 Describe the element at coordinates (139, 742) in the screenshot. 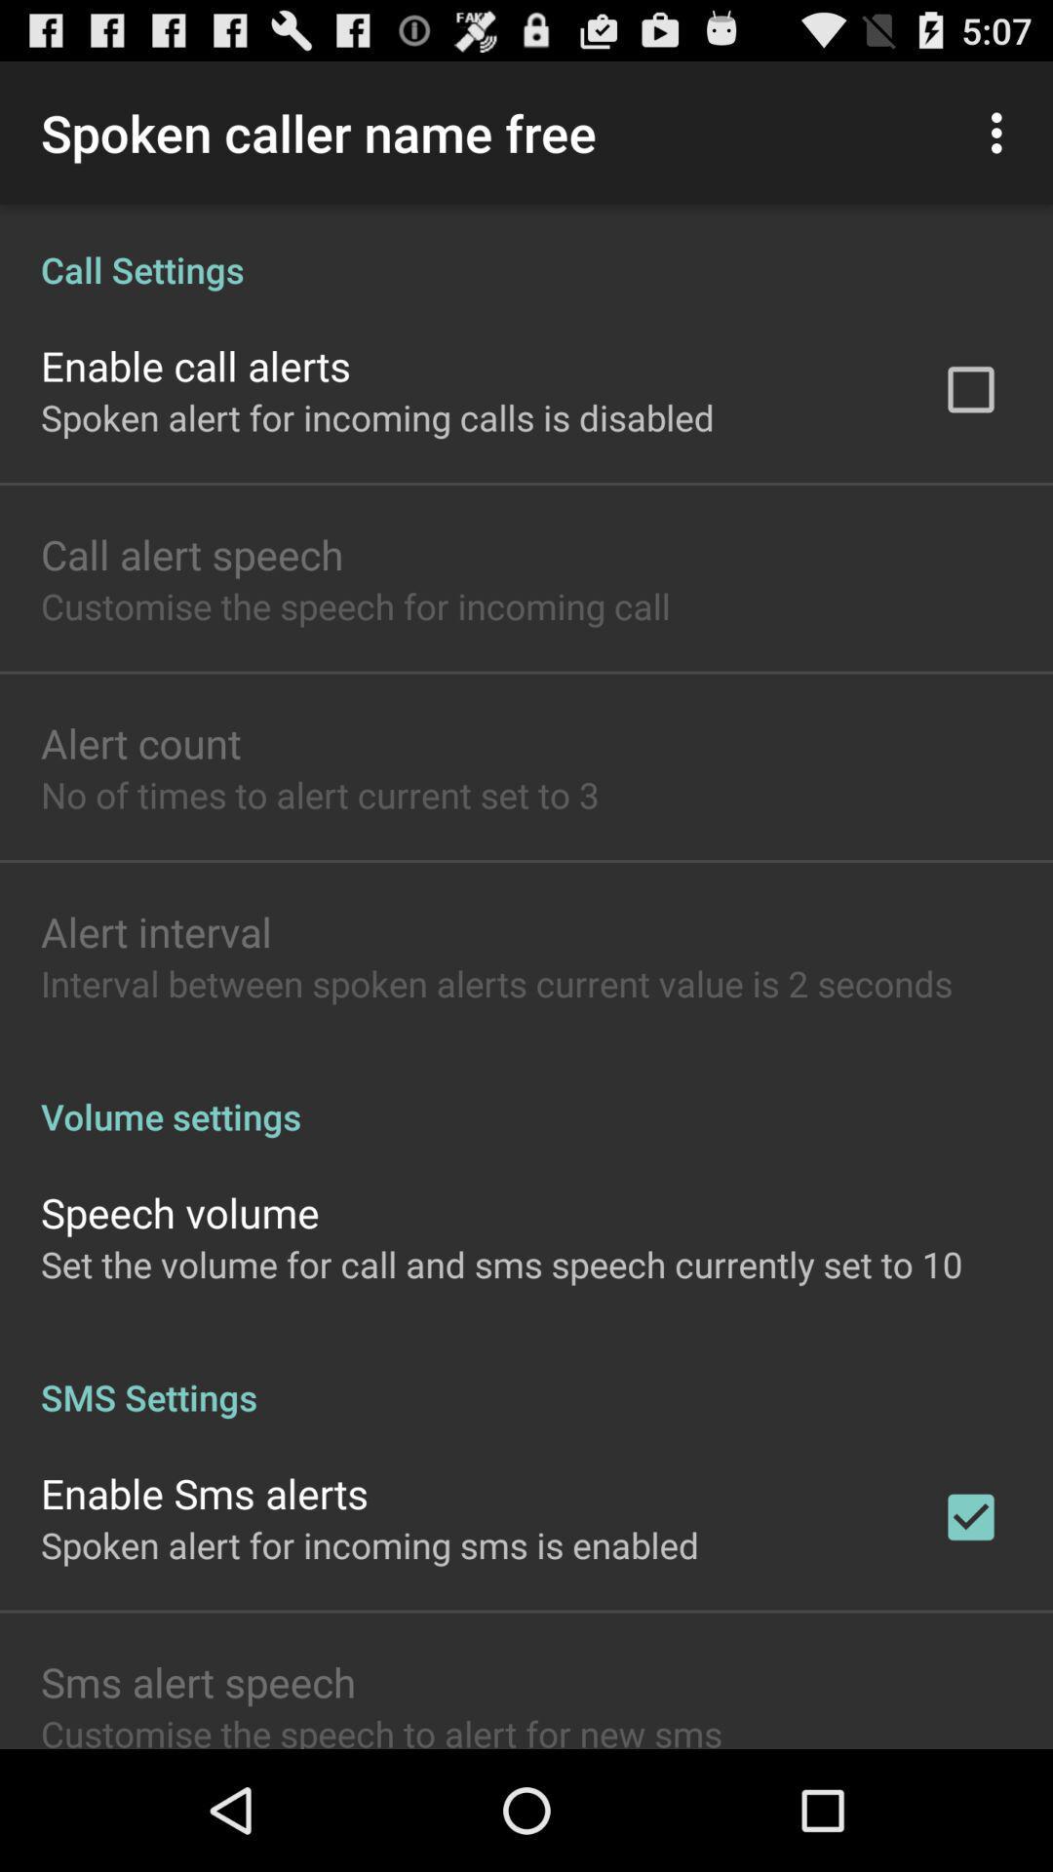

I see `alert count icon` at that location.